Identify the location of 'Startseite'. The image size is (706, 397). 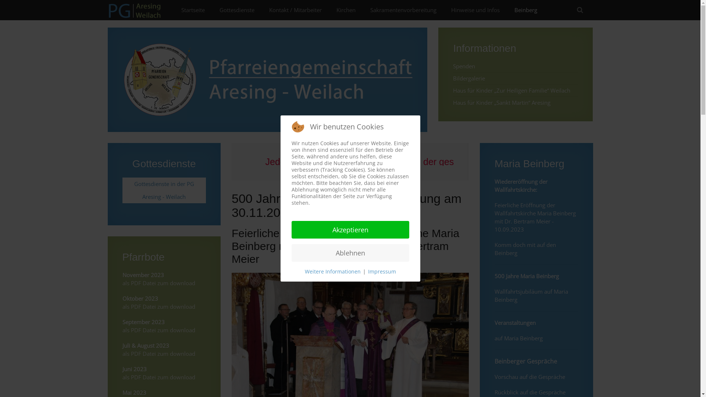
(192, 10).